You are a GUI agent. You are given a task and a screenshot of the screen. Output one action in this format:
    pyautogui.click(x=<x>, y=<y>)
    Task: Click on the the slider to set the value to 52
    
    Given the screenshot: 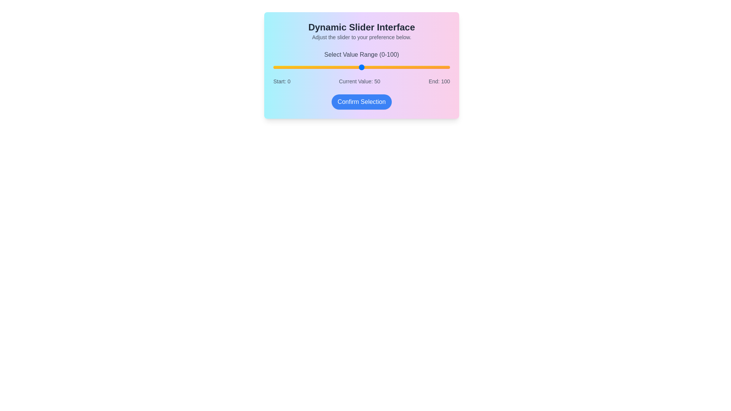 What is the action you would take?
    pyautogui.click(x=365, y=67)
    